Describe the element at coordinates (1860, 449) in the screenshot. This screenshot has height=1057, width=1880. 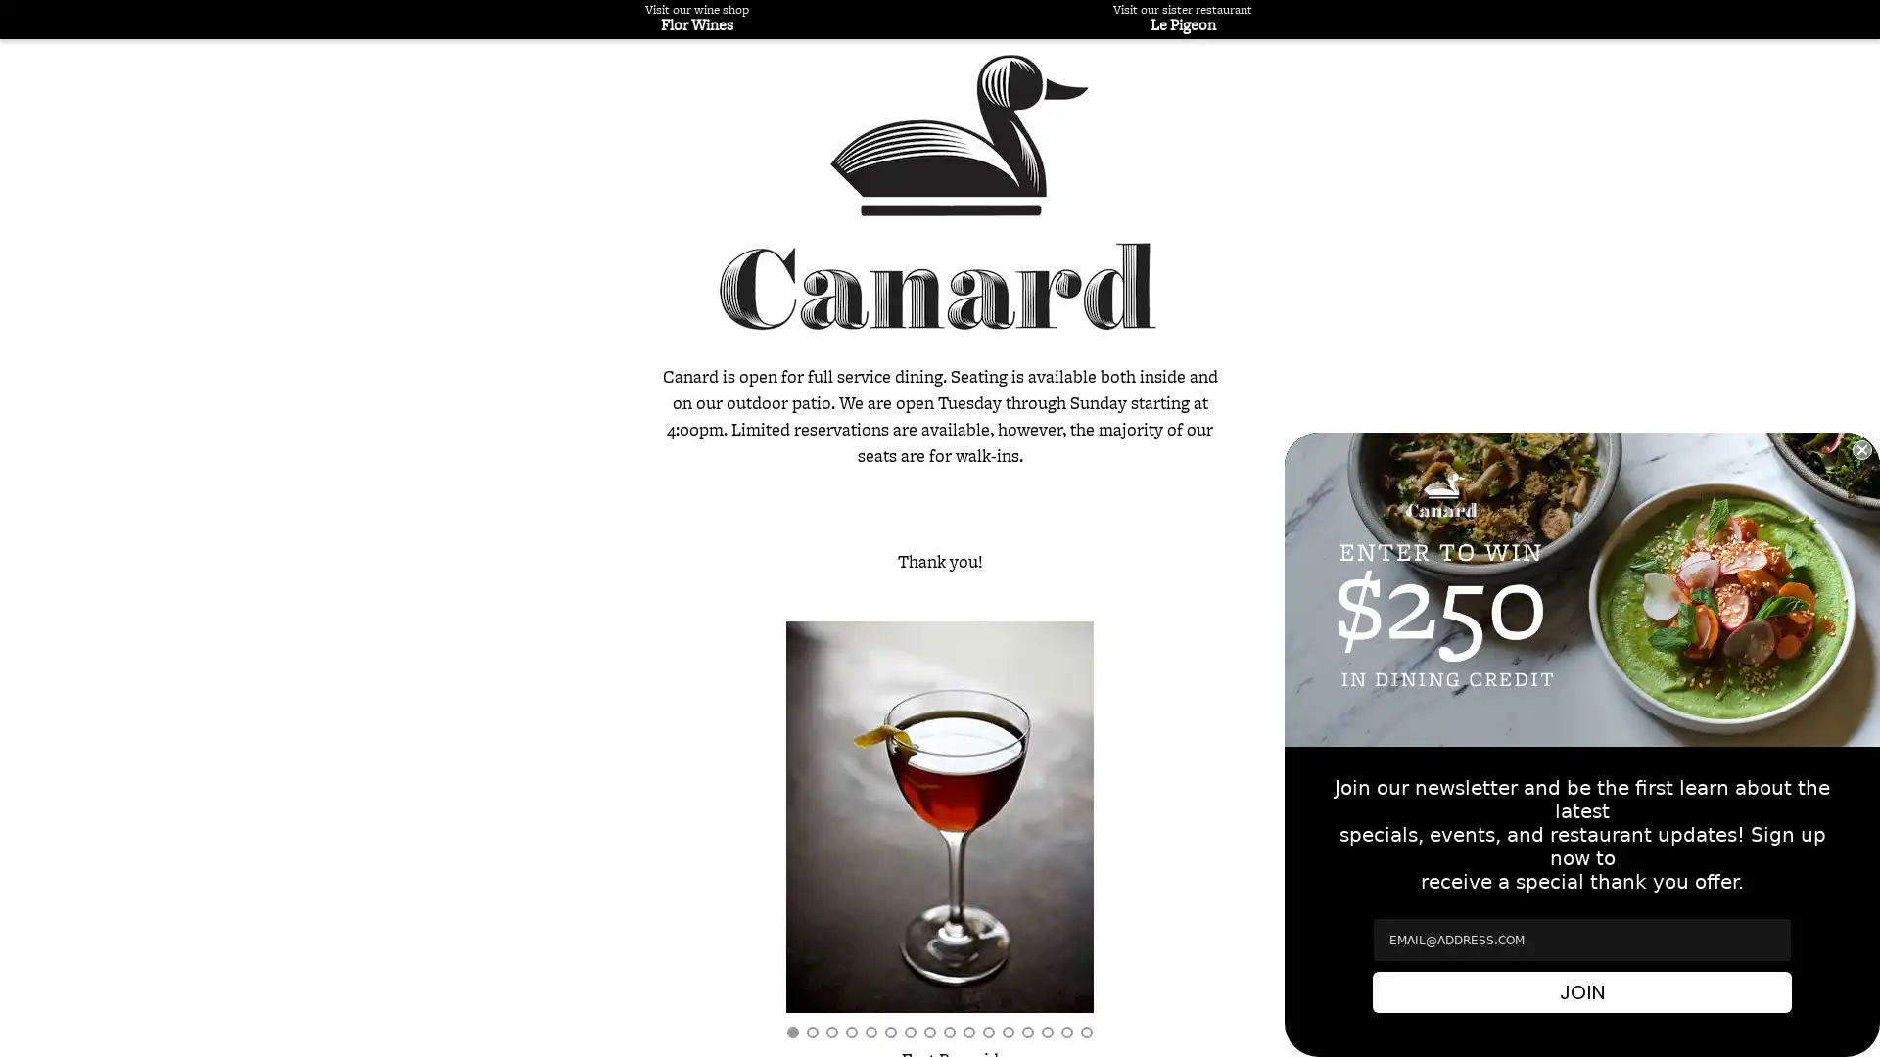
I see `Close form` at that location.